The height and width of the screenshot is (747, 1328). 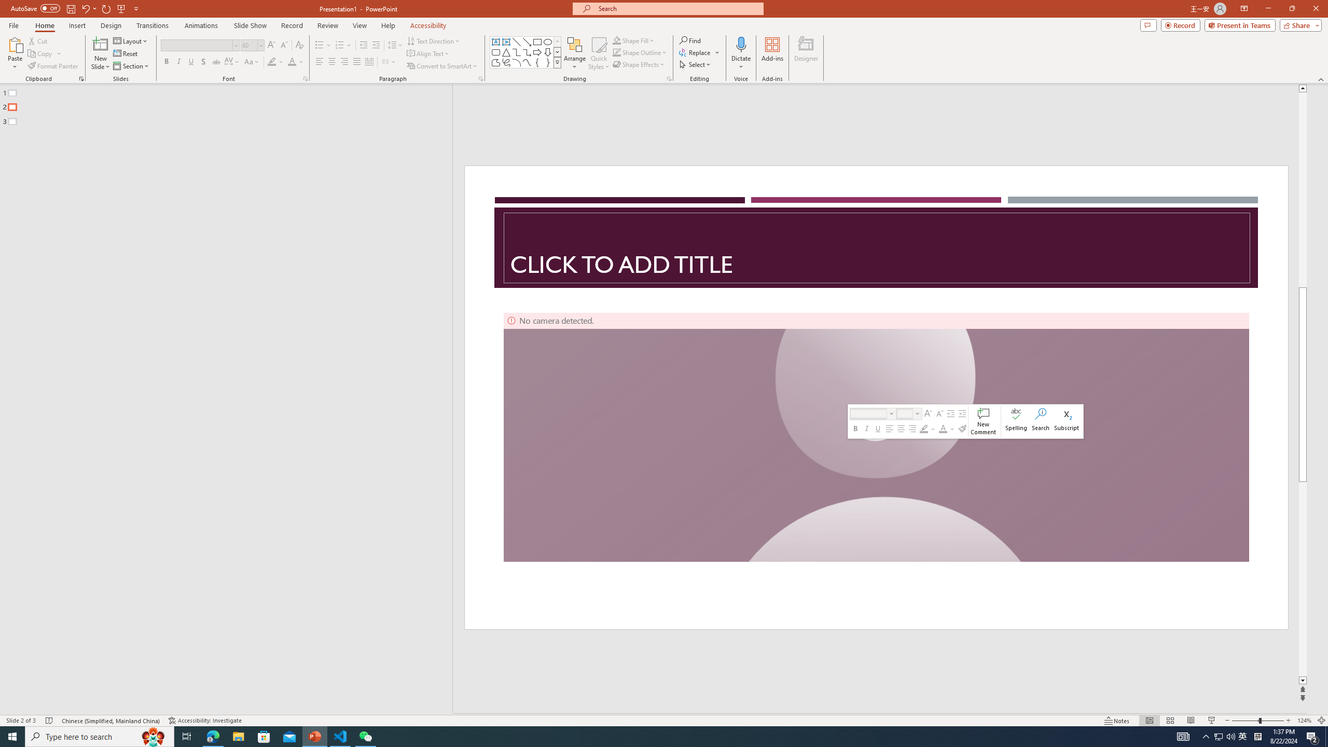 What do you see at coordinates (15, 53) in the screenshot?
I see `'Paste'` at bounding box center [15, 53].